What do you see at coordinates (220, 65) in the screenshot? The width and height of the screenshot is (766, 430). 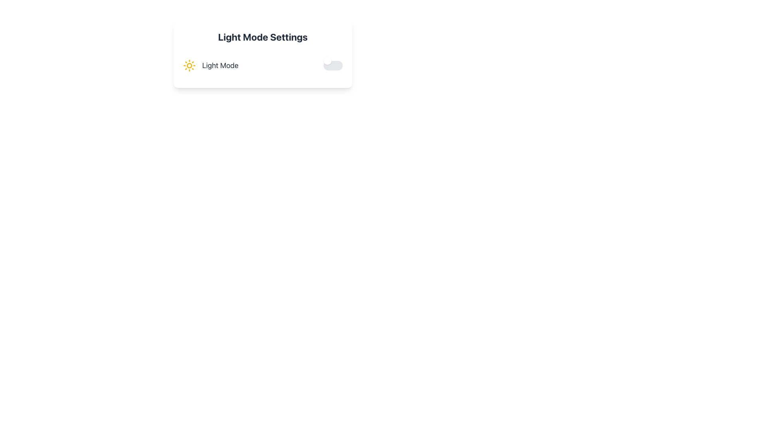 I see `the 'Light Mode' text label, which is located to the right of the sun-like icon in a horizontal layout` at bounding box center [220, 65].